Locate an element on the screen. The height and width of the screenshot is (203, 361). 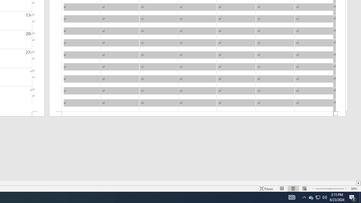
'Column right' is located at coordinates (358, 183).